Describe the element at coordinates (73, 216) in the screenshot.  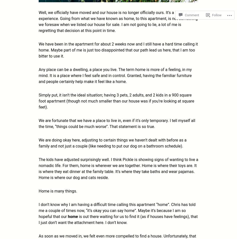
I see `'home'` at that location.